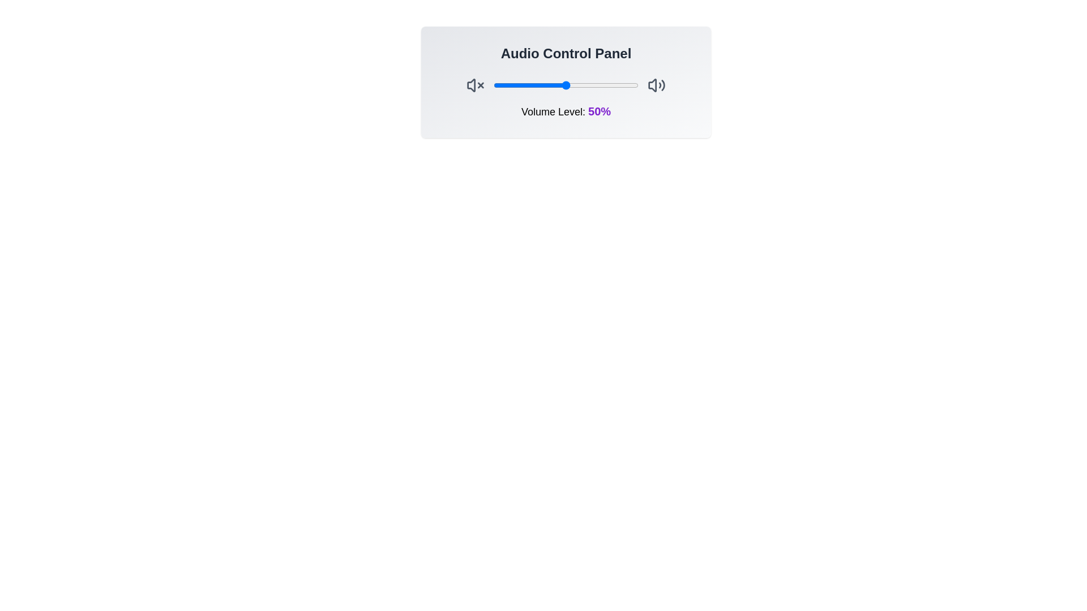 The height and width of the screenshot is (611, 1087). Describe the element at coordinates (566, 81) in the screenshot. I see `the title of the 'Audio Control Panel', which is a prominent element at the top of the panel with a bold heading` at that location.